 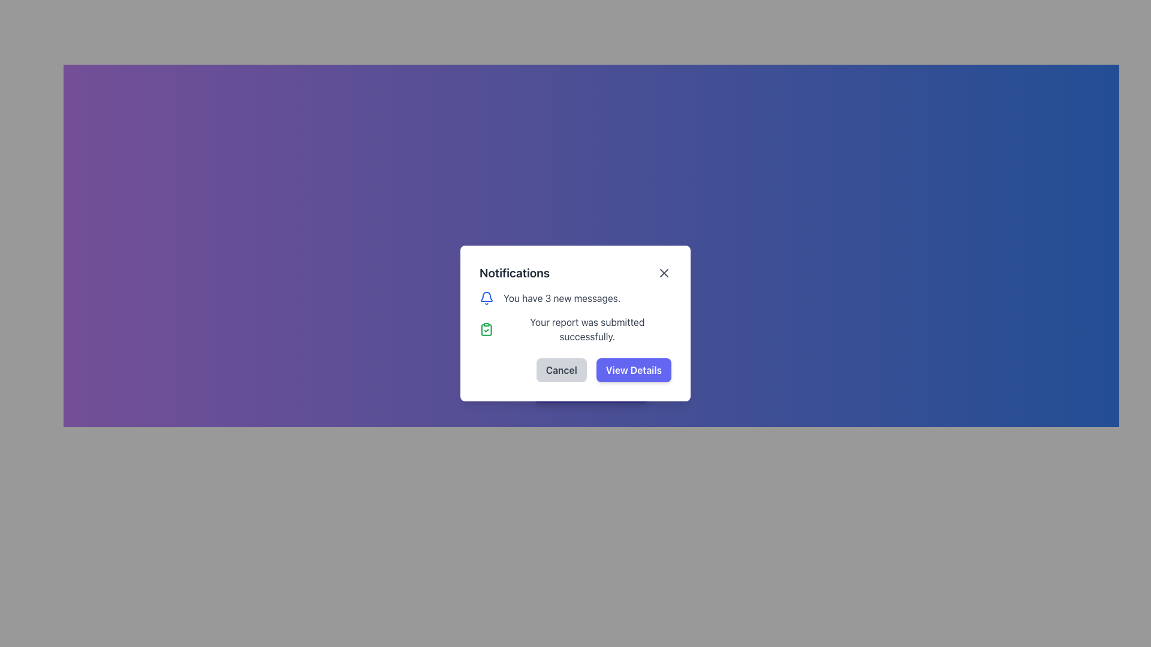 What do you see at coordinates (575, 316) in the screenshot?
I see `informational text block containing the messages about new notifications and report submission success, positioned under the 'Notifications' header` at bounding box center [575, 316].